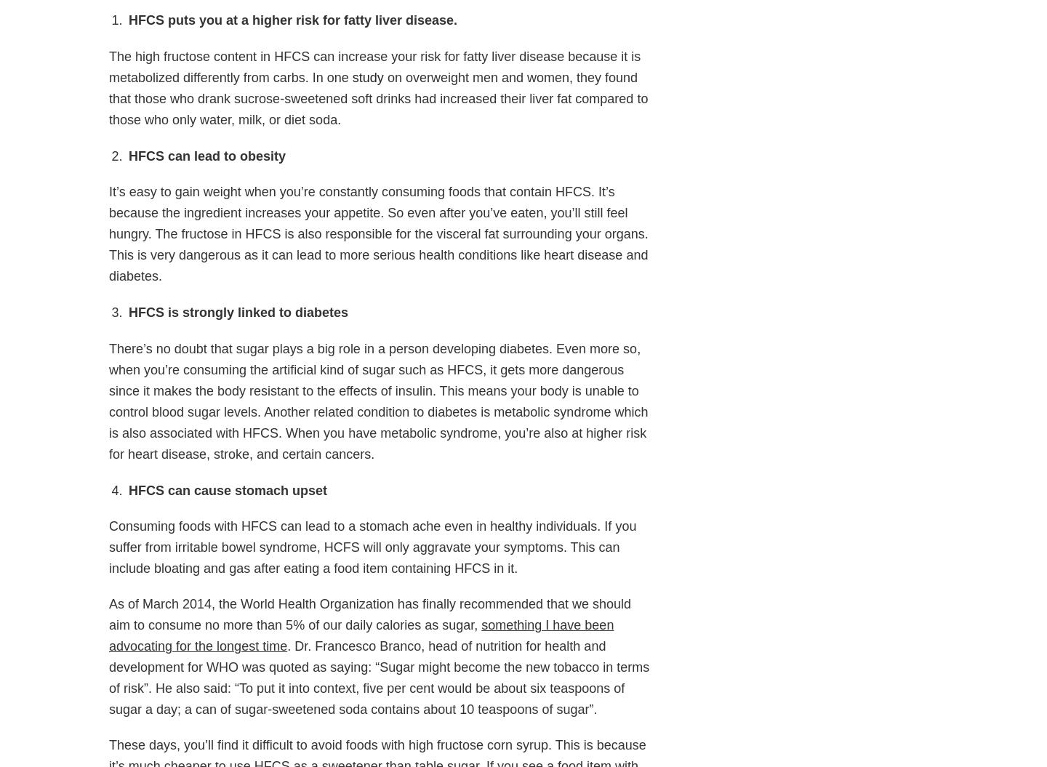 This screenshot has height=767, width=1047. I want to click on 'study', so click(366, 76).